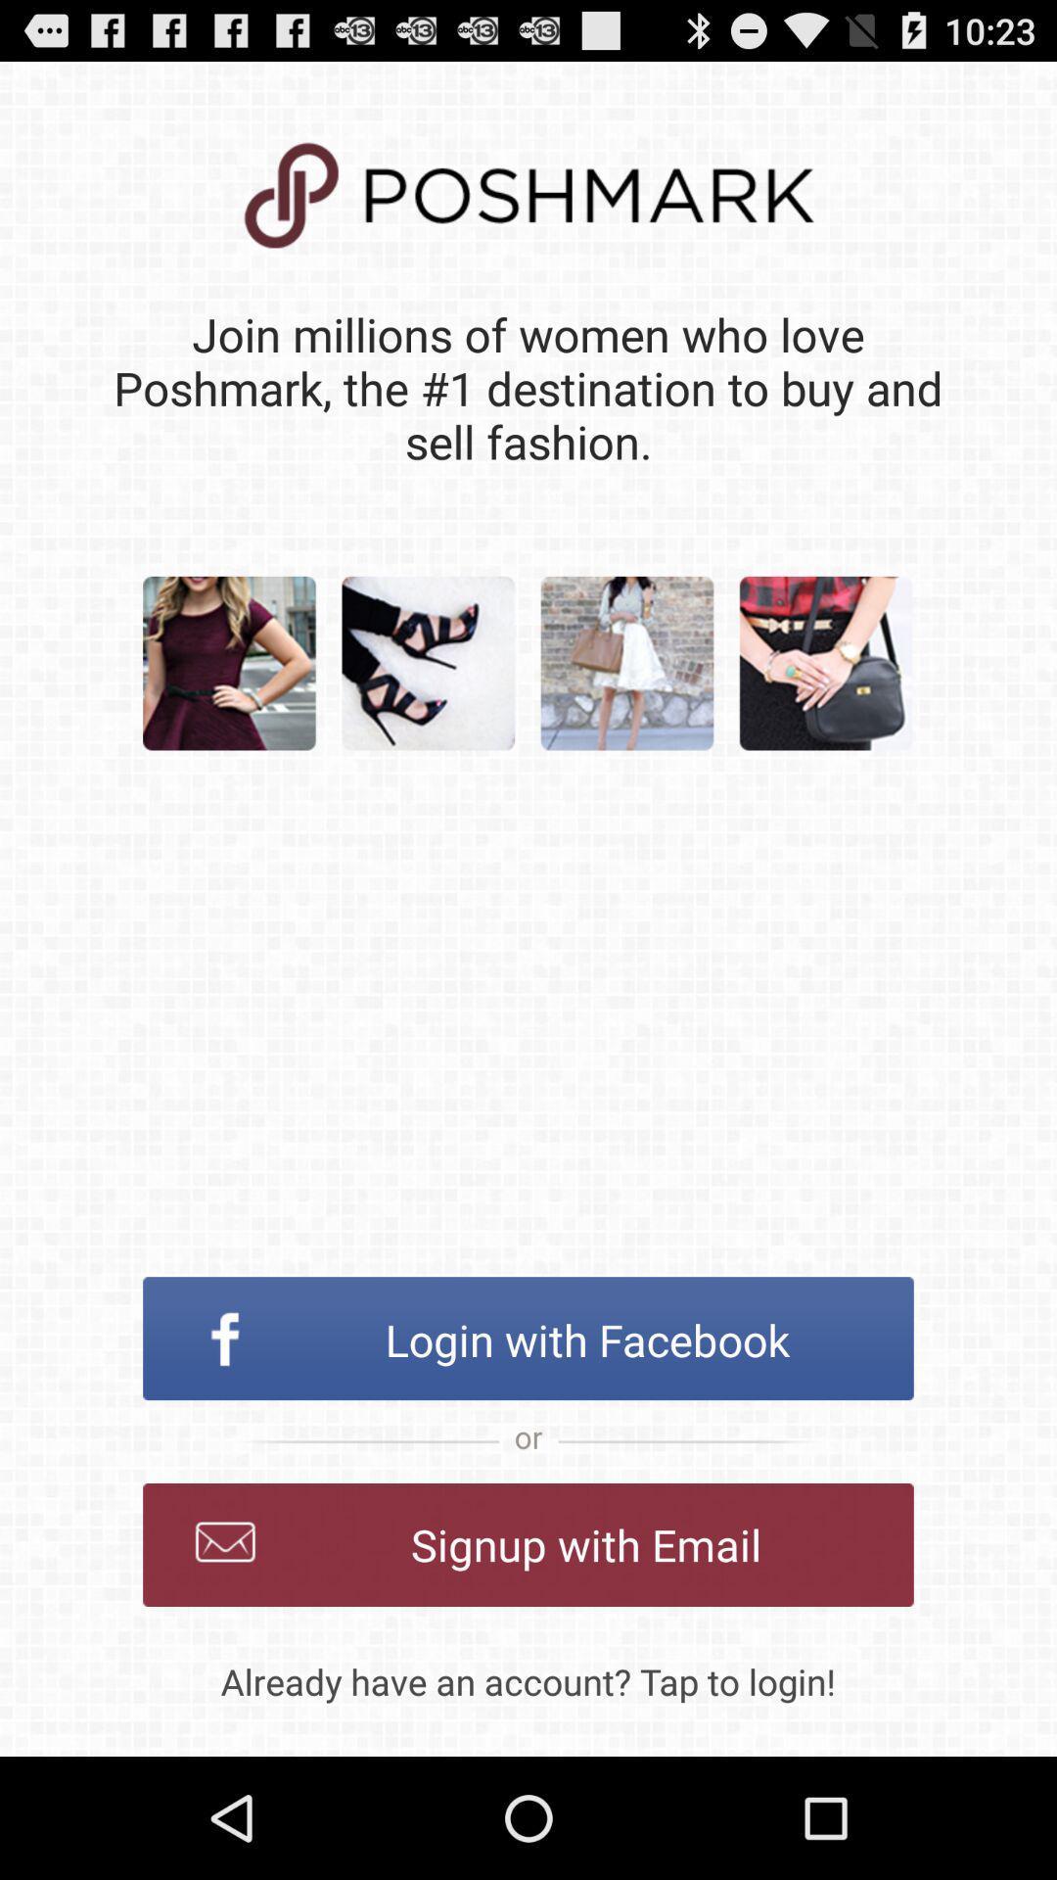  What do you see at coordinates (528, 1544) in the screenshot?
I see `icon below the or icon` at bounding box center [528, 1544].